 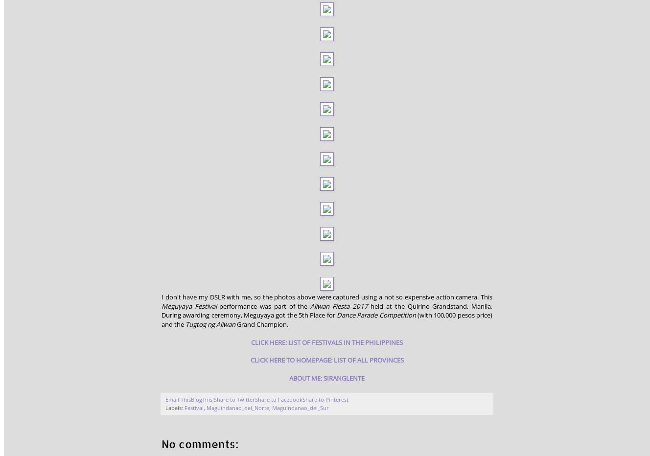 I want to click on 'Share to Facebook', so click(x=278, y=399).